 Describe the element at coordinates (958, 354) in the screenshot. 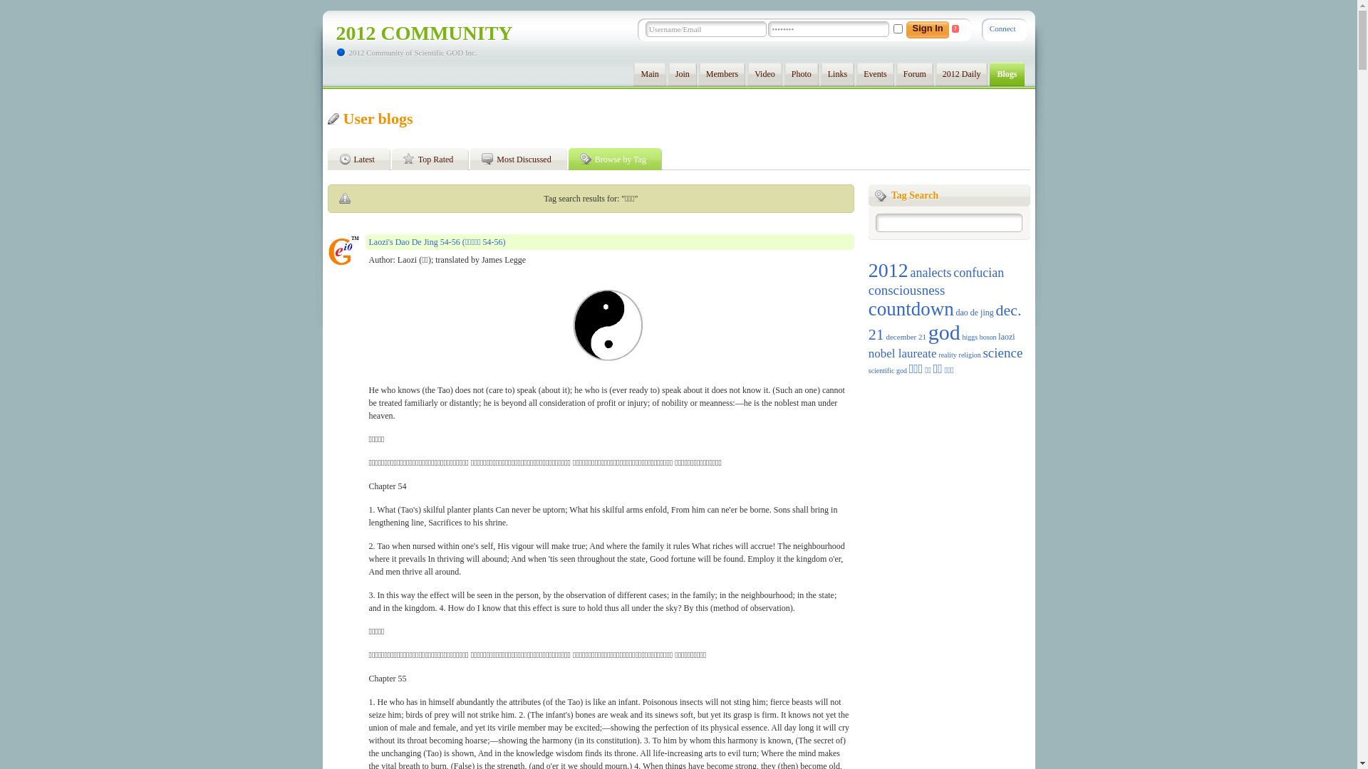

I see `'religion'` at that location.